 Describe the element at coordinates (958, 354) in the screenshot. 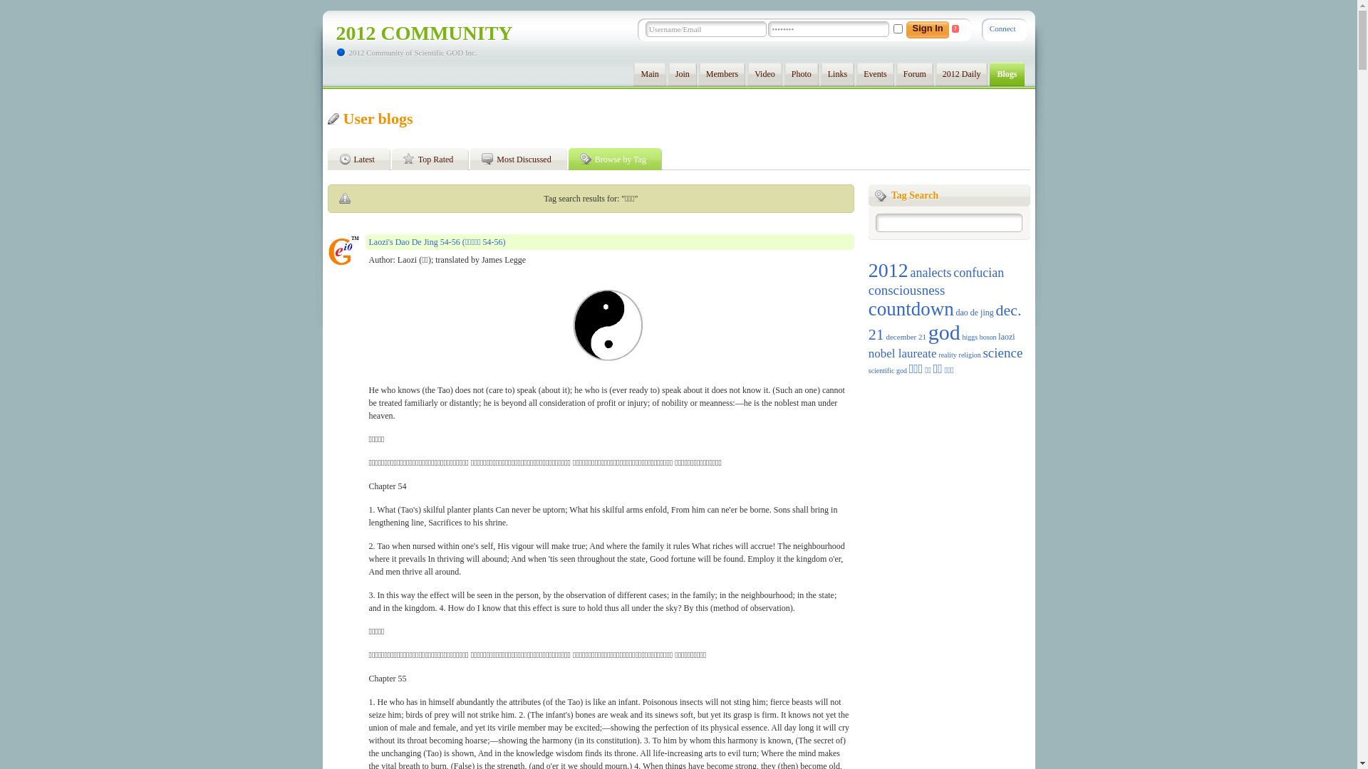

I see `'religion'` at that location.